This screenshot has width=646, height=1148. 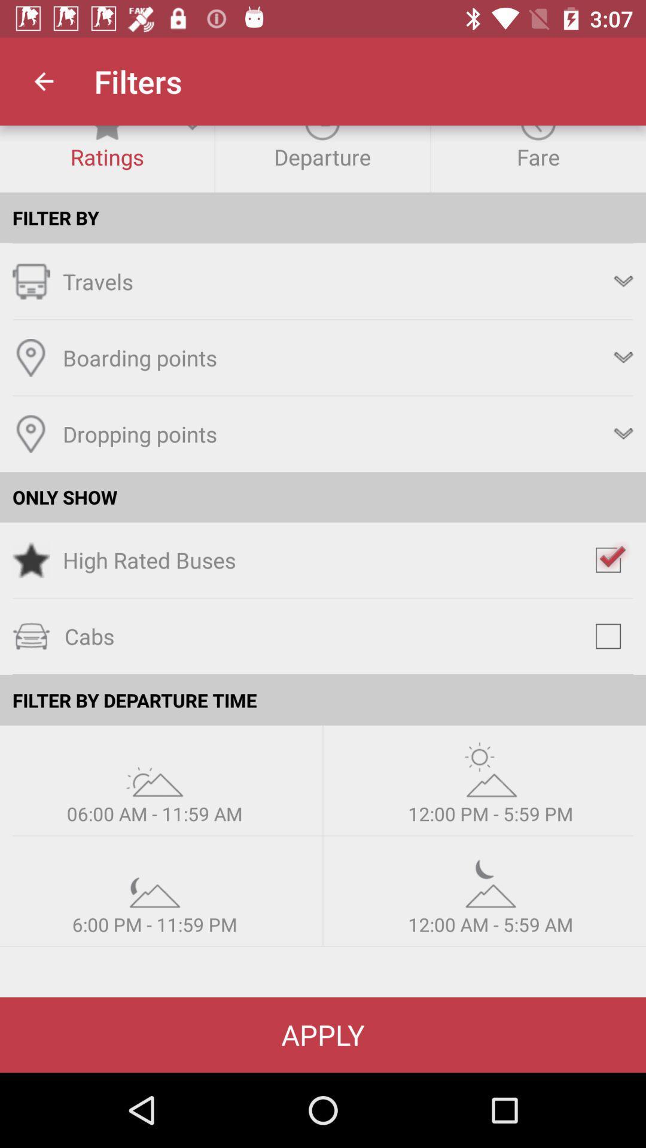 What do you see at coordinates (154, 769) in the screenshot?
I see `filter by morning time` at bounding box center [154, 769].